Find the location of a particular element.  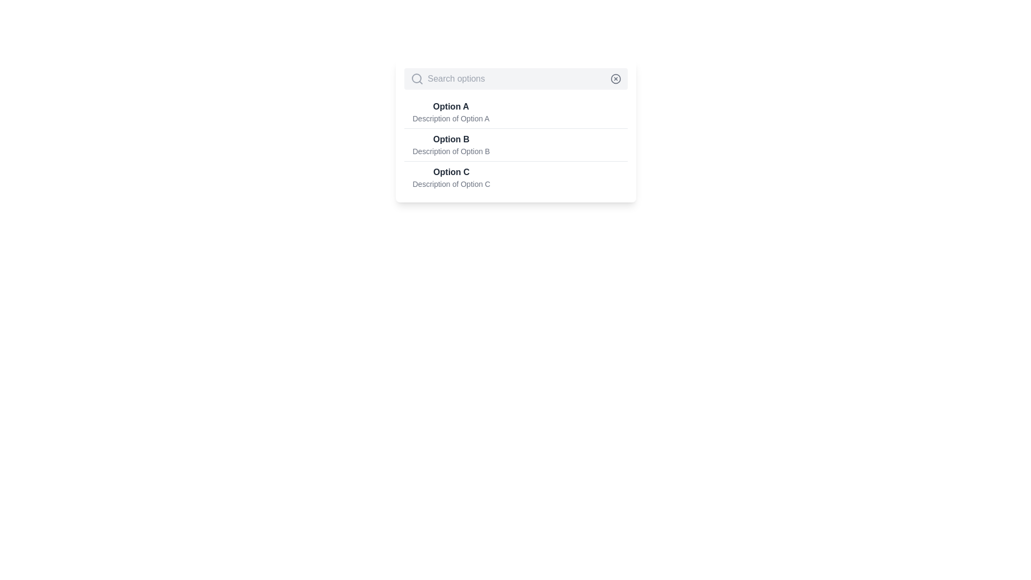

the magnifying glass icon, which represents search functionality, located on the left side of the dropdown menu's horizontal bar is located at coordinates (416, 78).